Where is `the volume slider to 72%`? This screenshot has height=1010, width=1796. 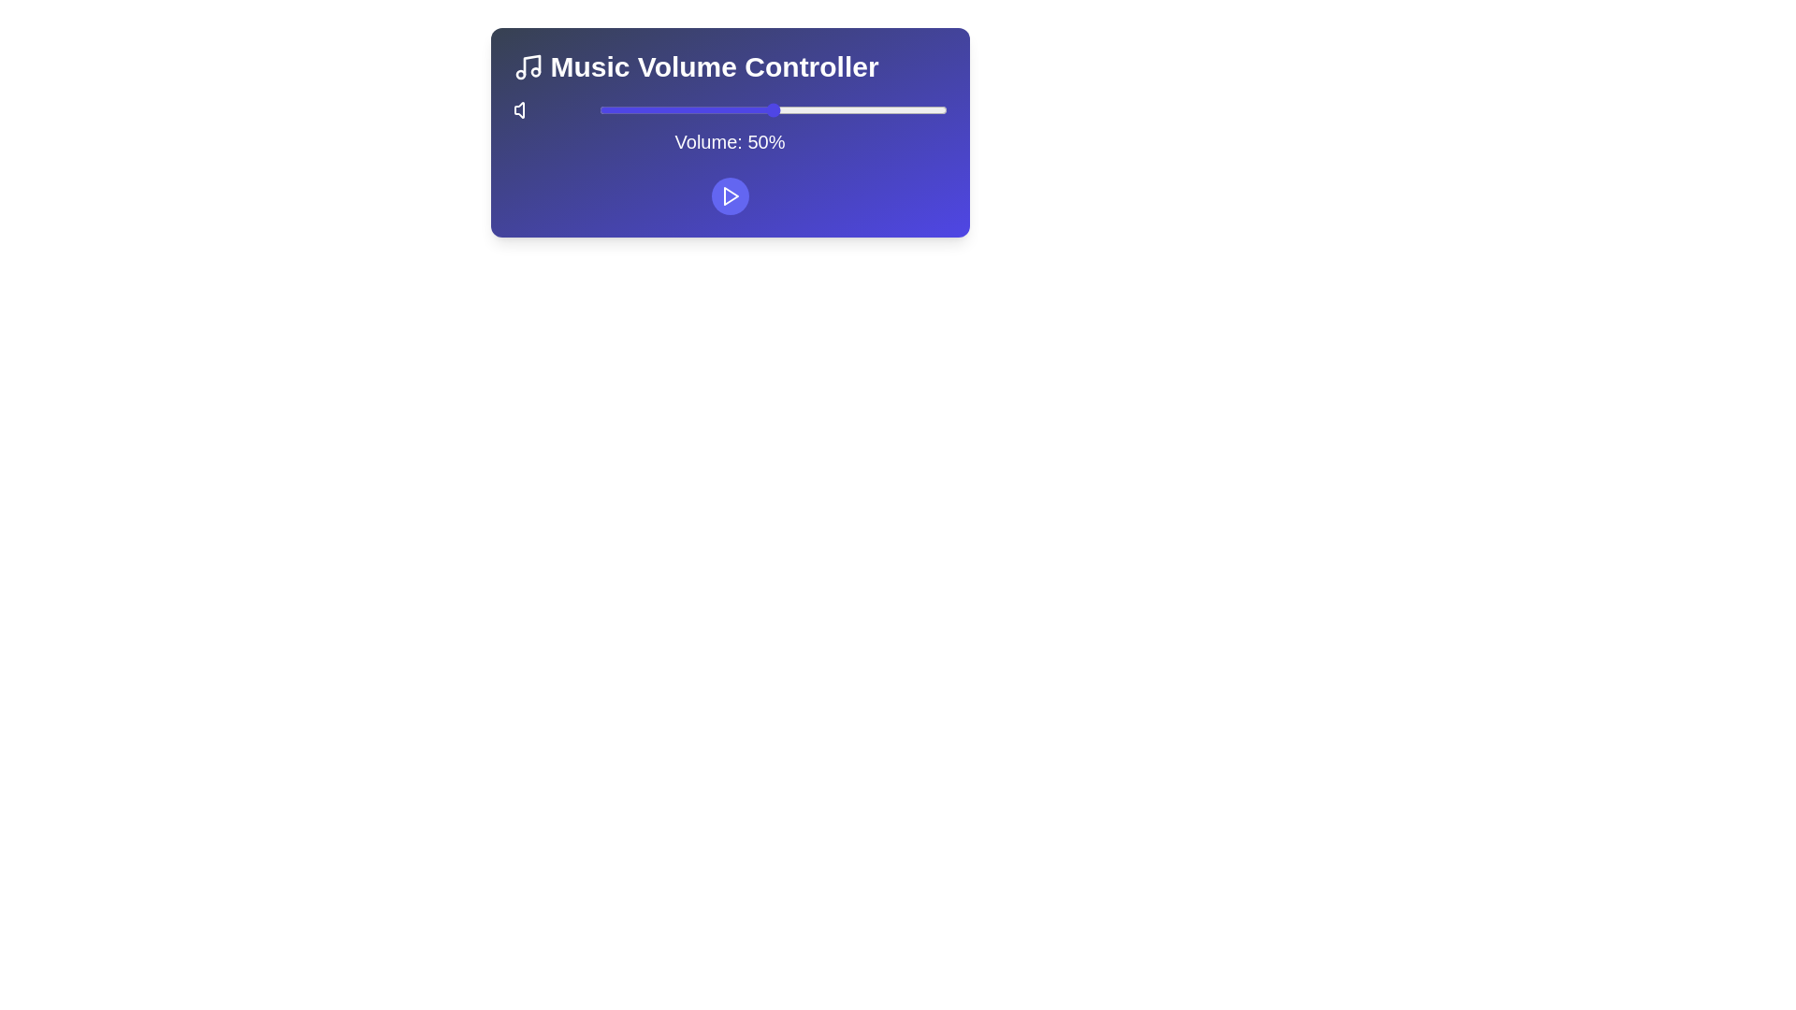
the volume slider to 72% is located at coordinates (848, 110).